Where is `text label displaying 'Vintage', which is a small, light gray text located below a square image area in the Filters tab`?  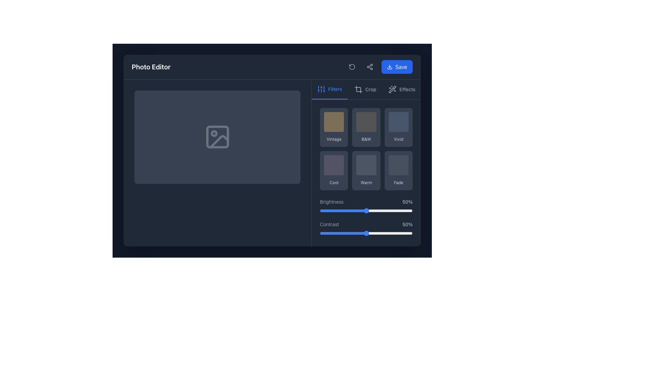 text label displaying 'Vintage', which is a small, light gray text located below a square image area in the Filters tab is located at coordinates (334, 139).